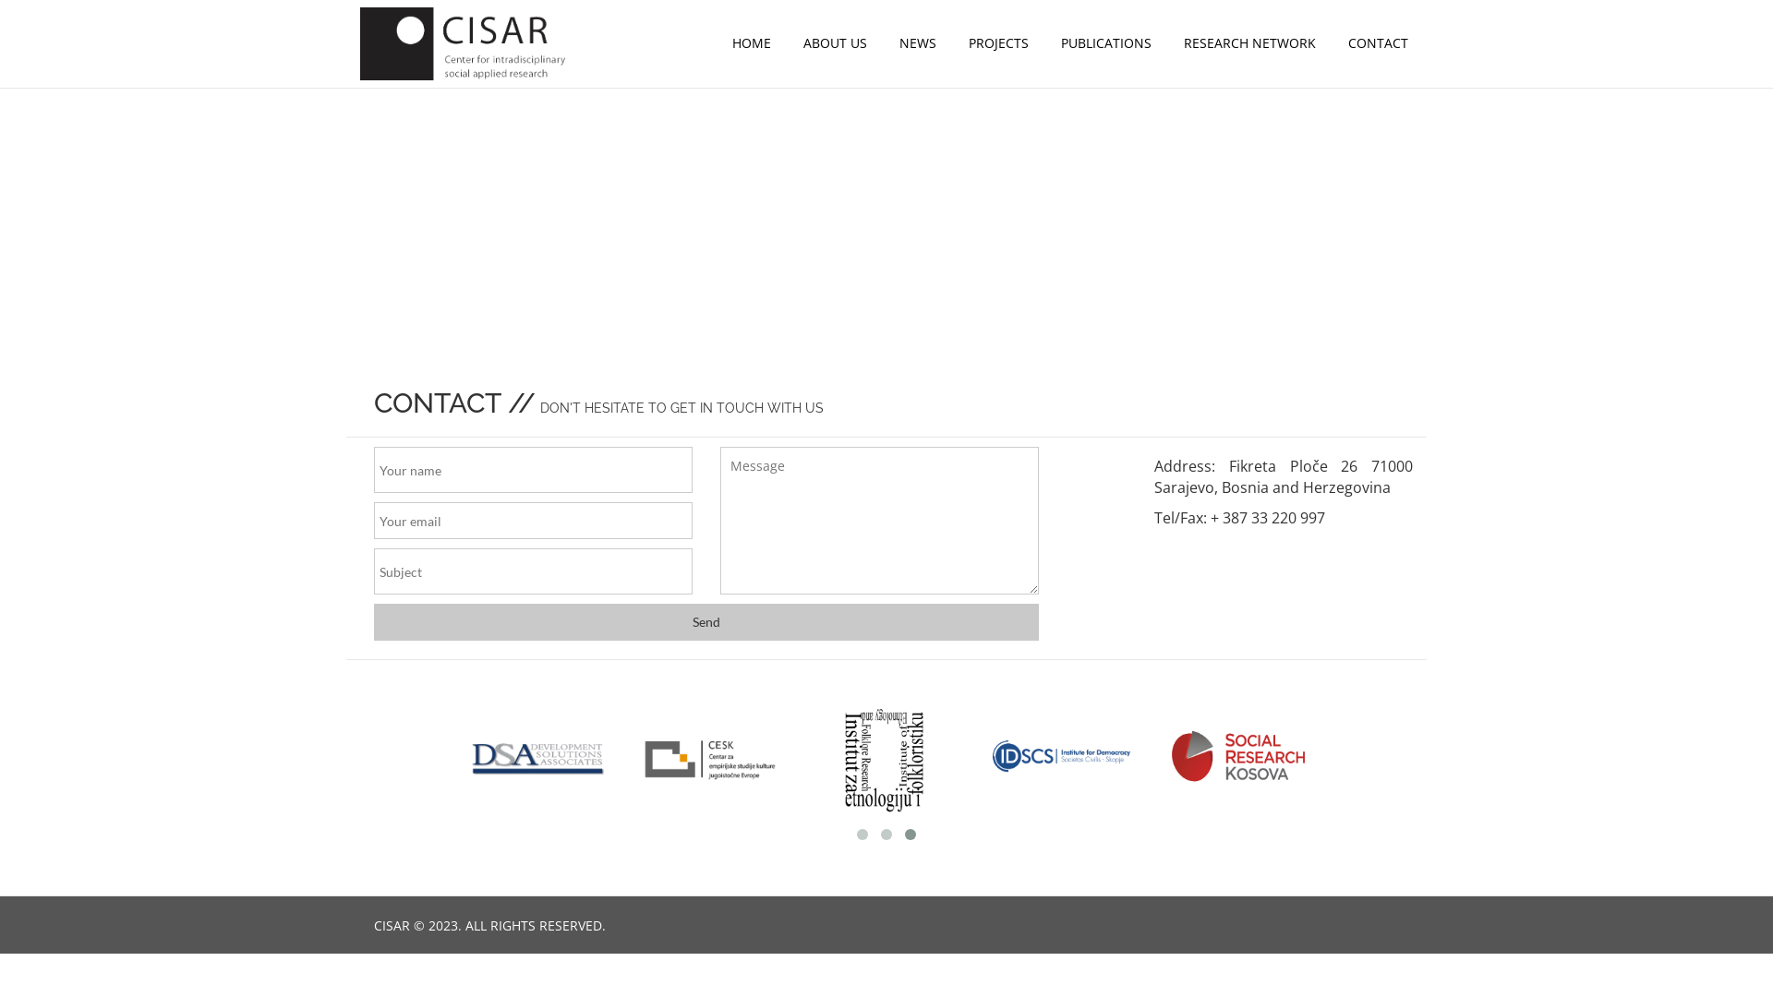  I want to click on 'RESEARCH NETWORK', so click(1249, 42).